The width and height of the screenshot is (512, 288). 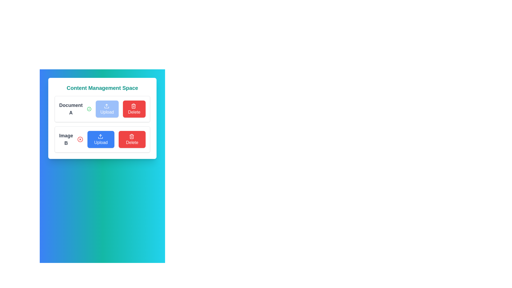 What do you see at coordinates (80, 139) in the screenshot?
I see `the decorative icon component located to the left of the 'Image B' label, which indicates an error or unavailability` at bounding box center [80, 139].